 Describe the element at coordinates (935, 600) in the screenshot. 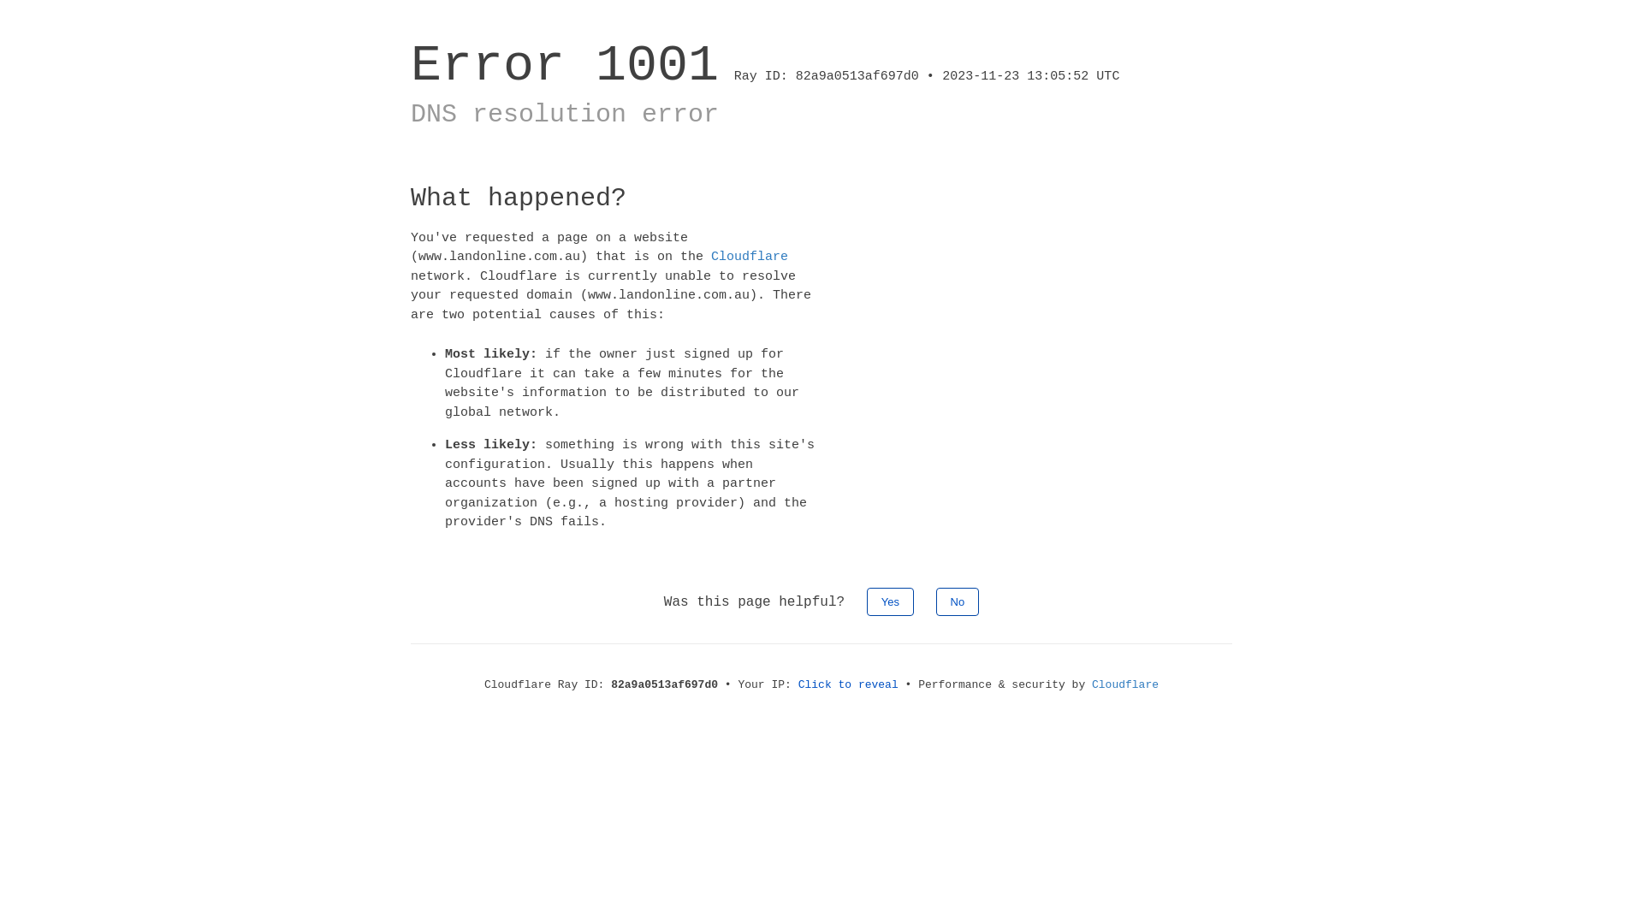

I see `'No'` at that location.